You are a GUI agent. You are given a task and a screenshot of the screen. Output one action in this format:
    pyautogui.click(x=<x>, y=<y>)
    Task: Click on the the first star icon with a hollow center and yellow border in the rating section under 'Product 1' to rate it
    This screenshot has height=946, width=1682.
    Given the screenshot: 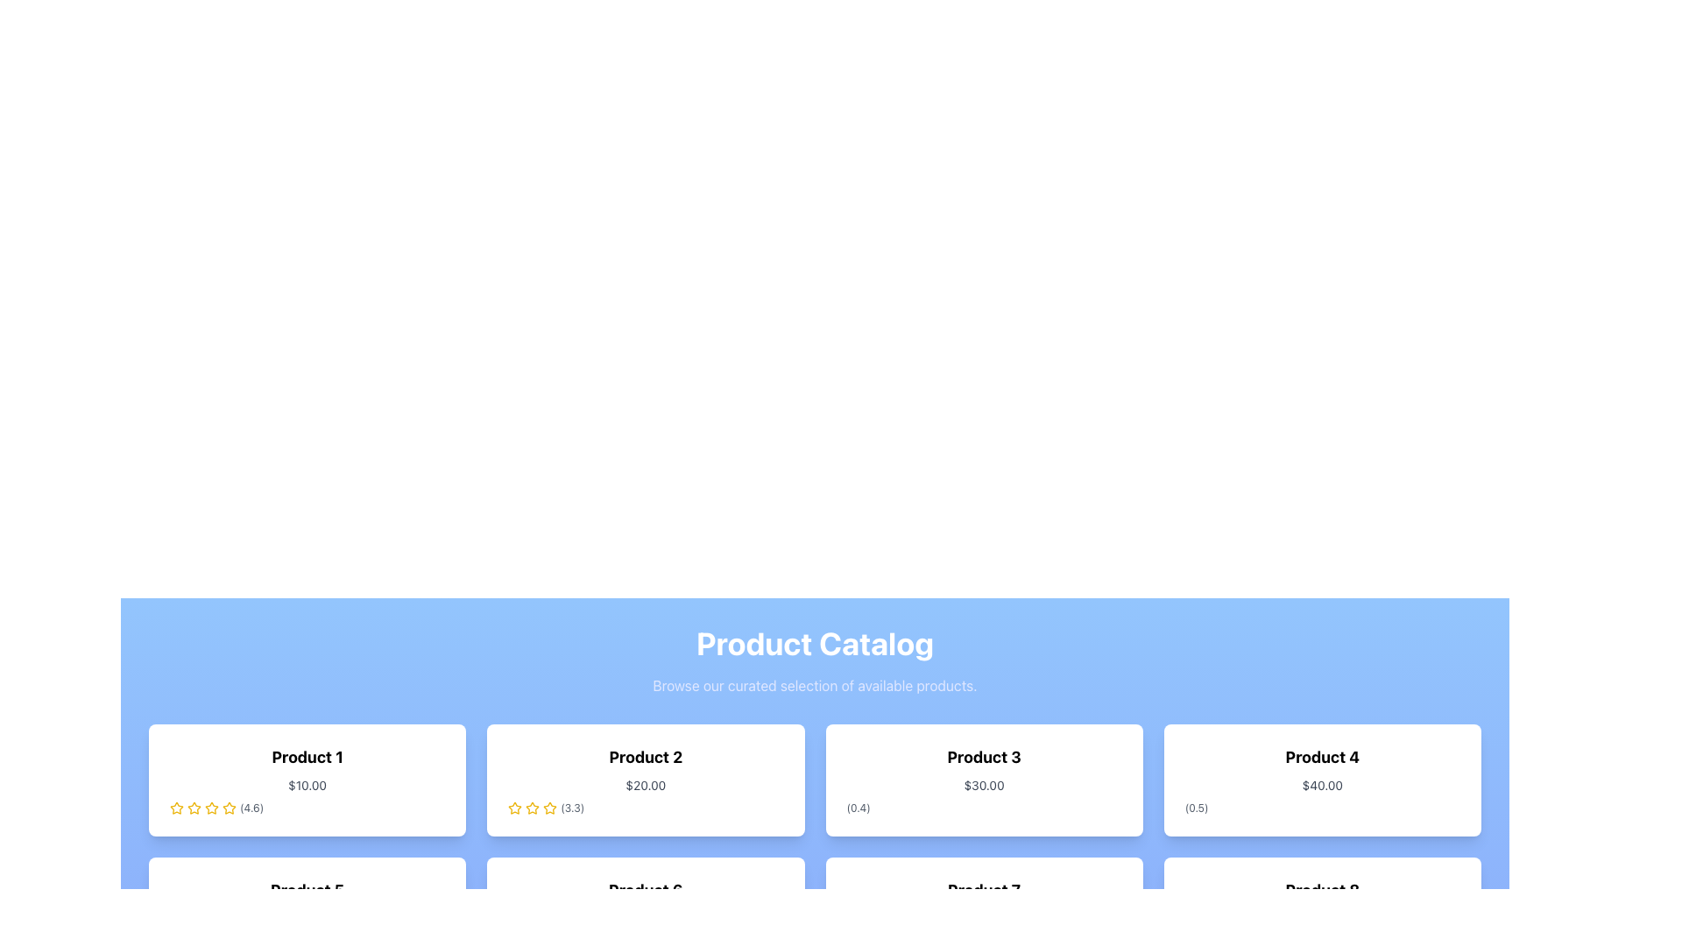 What is the action you would take?
    pyautogui.click(x=210, y=808)
    